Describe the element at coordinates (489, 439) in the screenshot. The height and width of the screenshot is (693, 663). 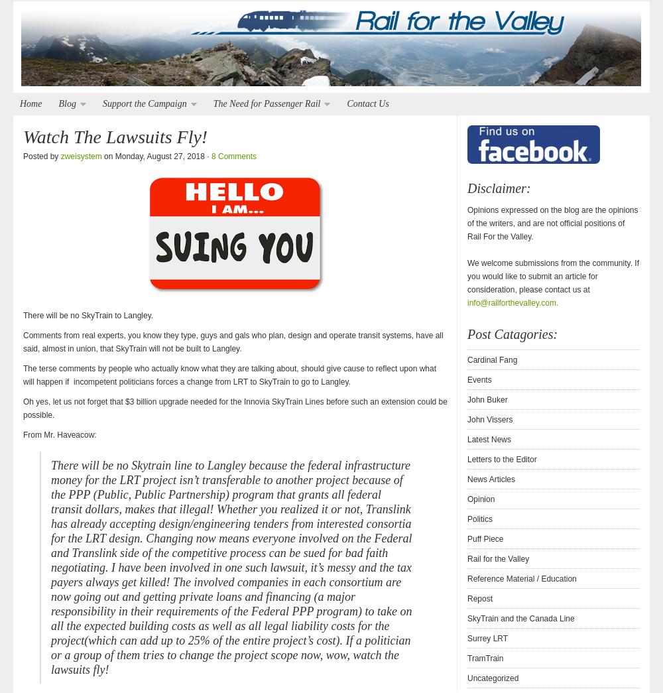
I see `'Latest News'` at that location.